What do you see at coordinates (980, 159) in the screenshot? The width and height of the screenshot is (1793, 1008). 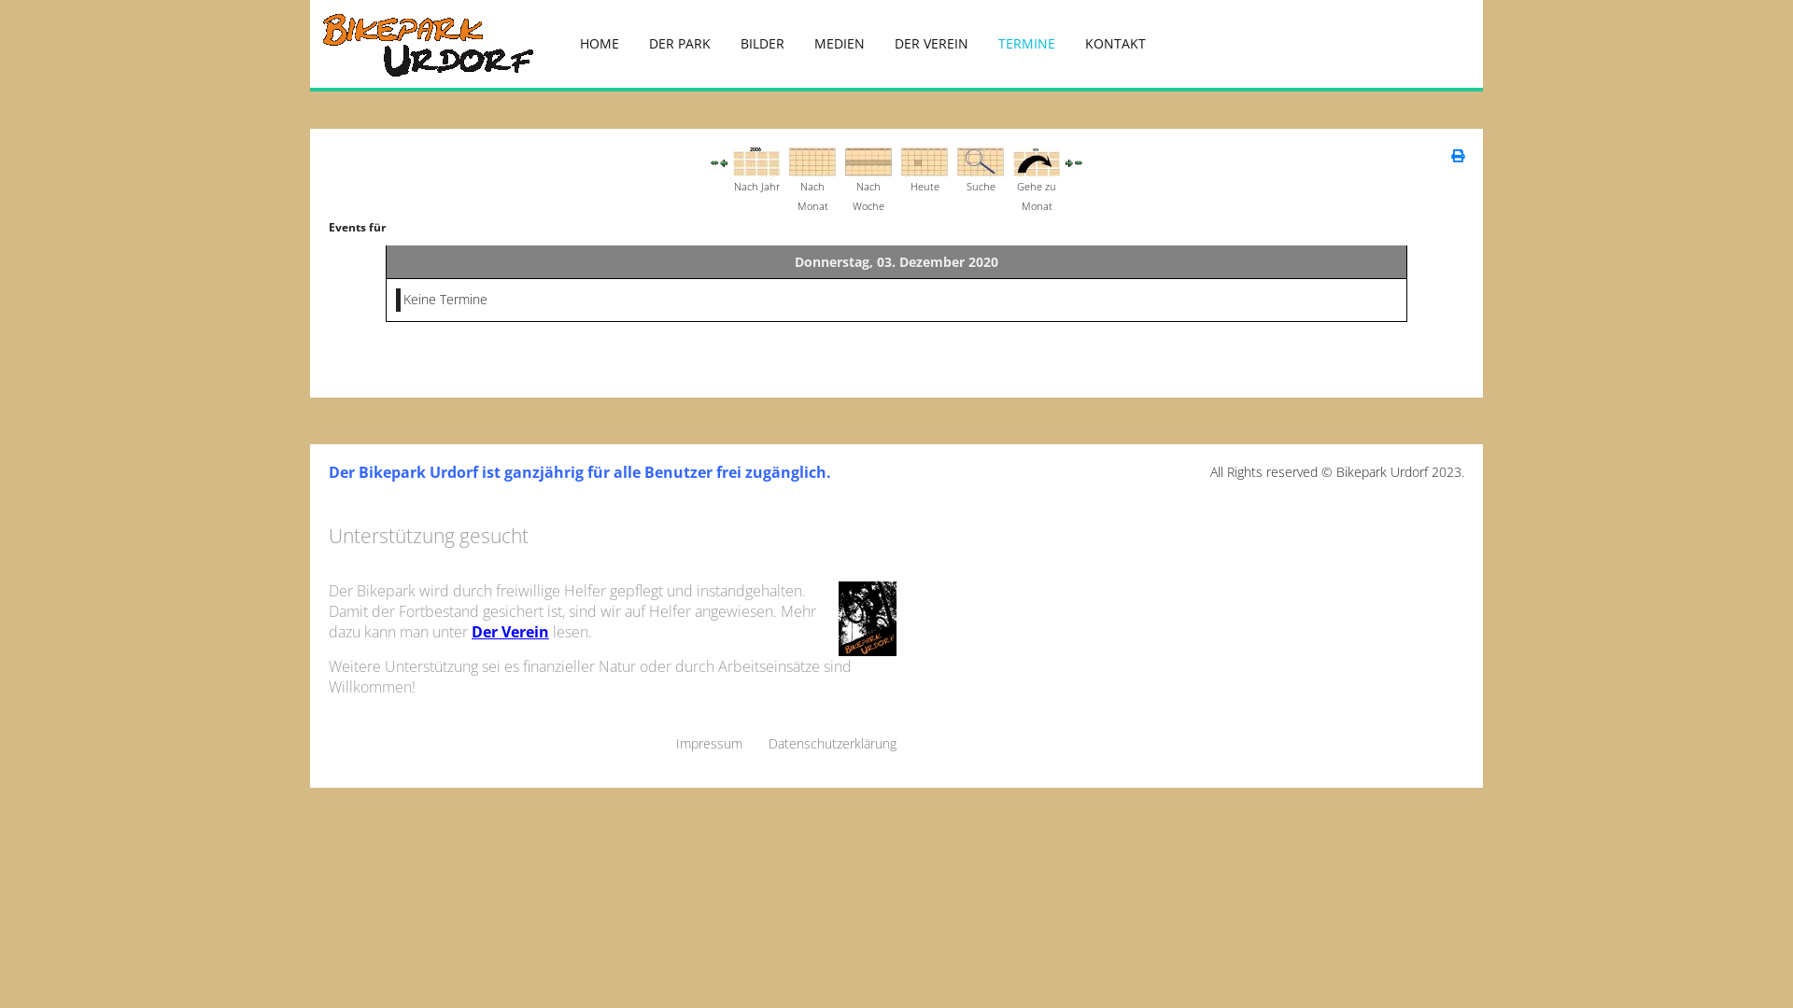 I see `'Suche'` at bounding box center [980, 159].